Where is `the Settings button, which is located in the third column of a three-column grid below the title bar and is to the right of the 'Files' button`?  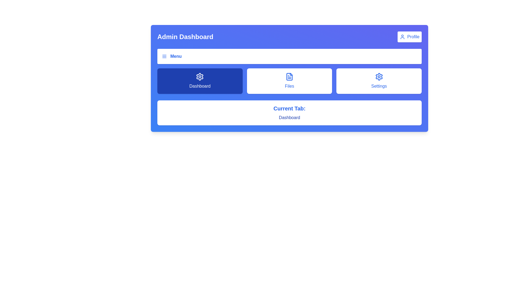
the Settings button, which is located in the third column of a three-column grid below the title bar and is to the right of the 'Files' button is located at coordinates (379, 81).